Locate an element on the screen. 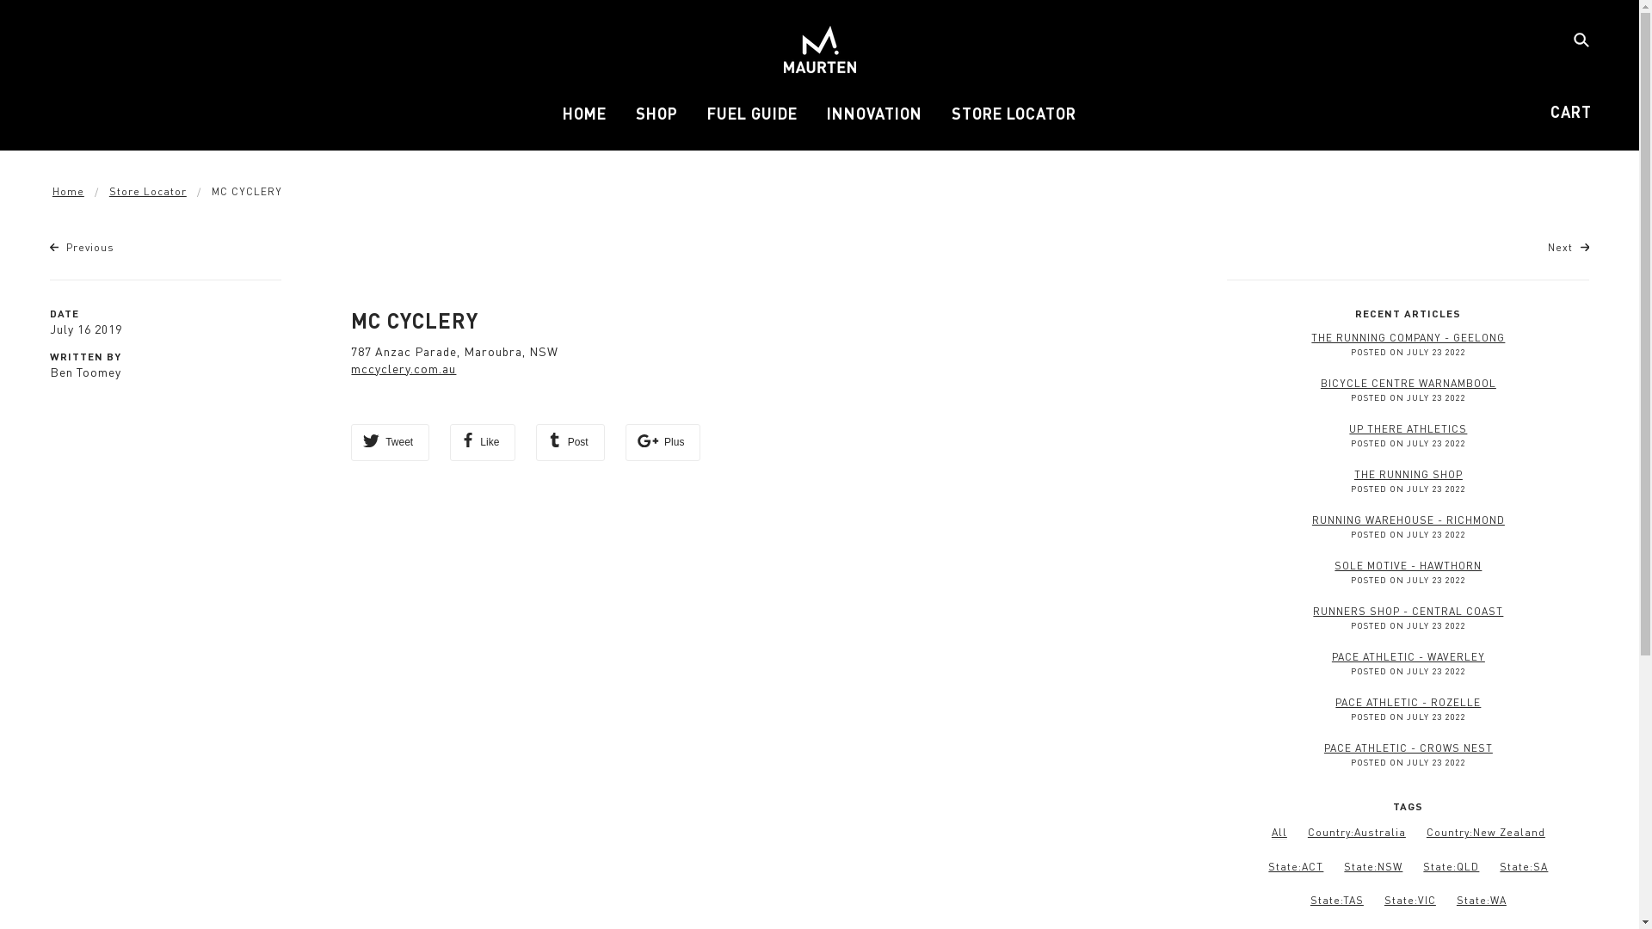 The width and height of the screenshot is (1652, 929). 'All' is located at coordinates (1279, 832).